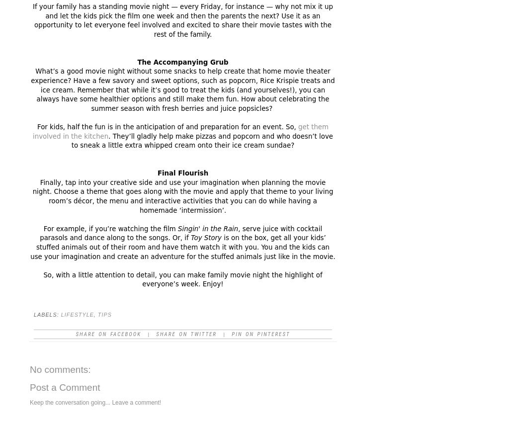  What do you see at coordinates (95, 315) in the screenshot?
I see `','` at bounding box center [95, 315].